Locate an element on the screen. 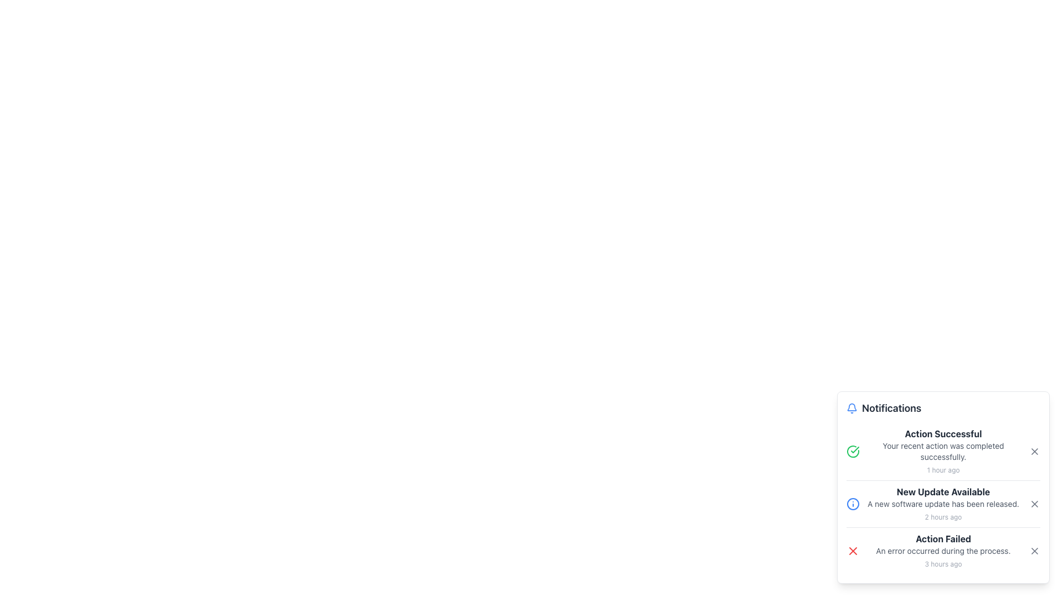 The width and height of the screenshot is (1063, 597). the Close button (small SVG cross icon) located in the top-right corner of the 'Action Successful' notification is located at coordinates (1034, 452).